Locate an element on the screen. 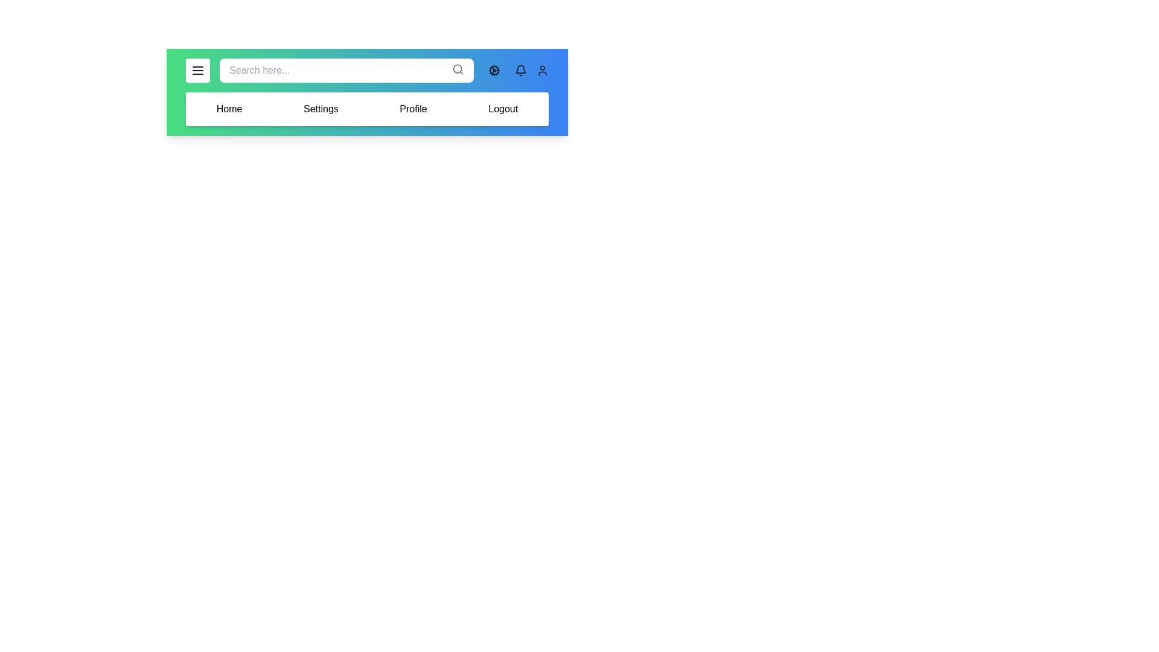 This screenshot has width=1159, height=652. the menu item labeled Settings is located at coordinates (321, 109).